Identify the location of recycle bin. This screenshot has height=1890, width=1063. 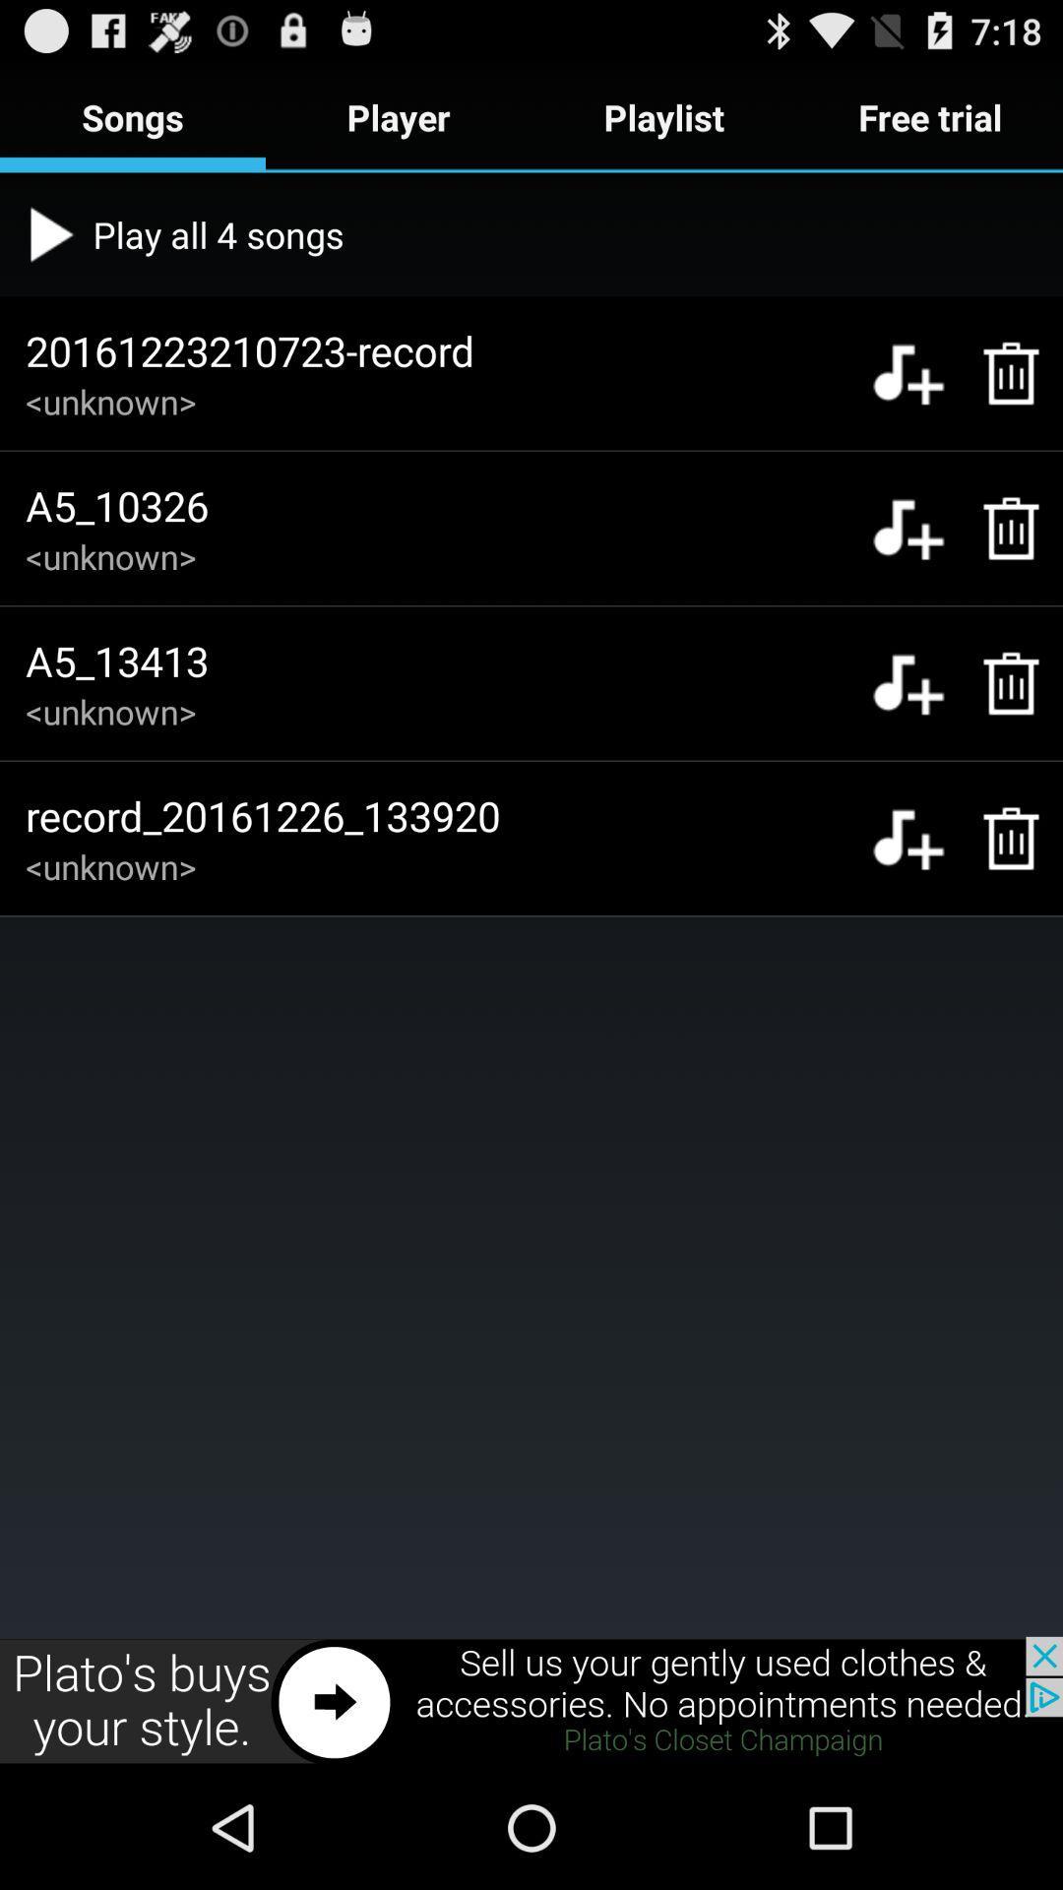
(1001, 529).